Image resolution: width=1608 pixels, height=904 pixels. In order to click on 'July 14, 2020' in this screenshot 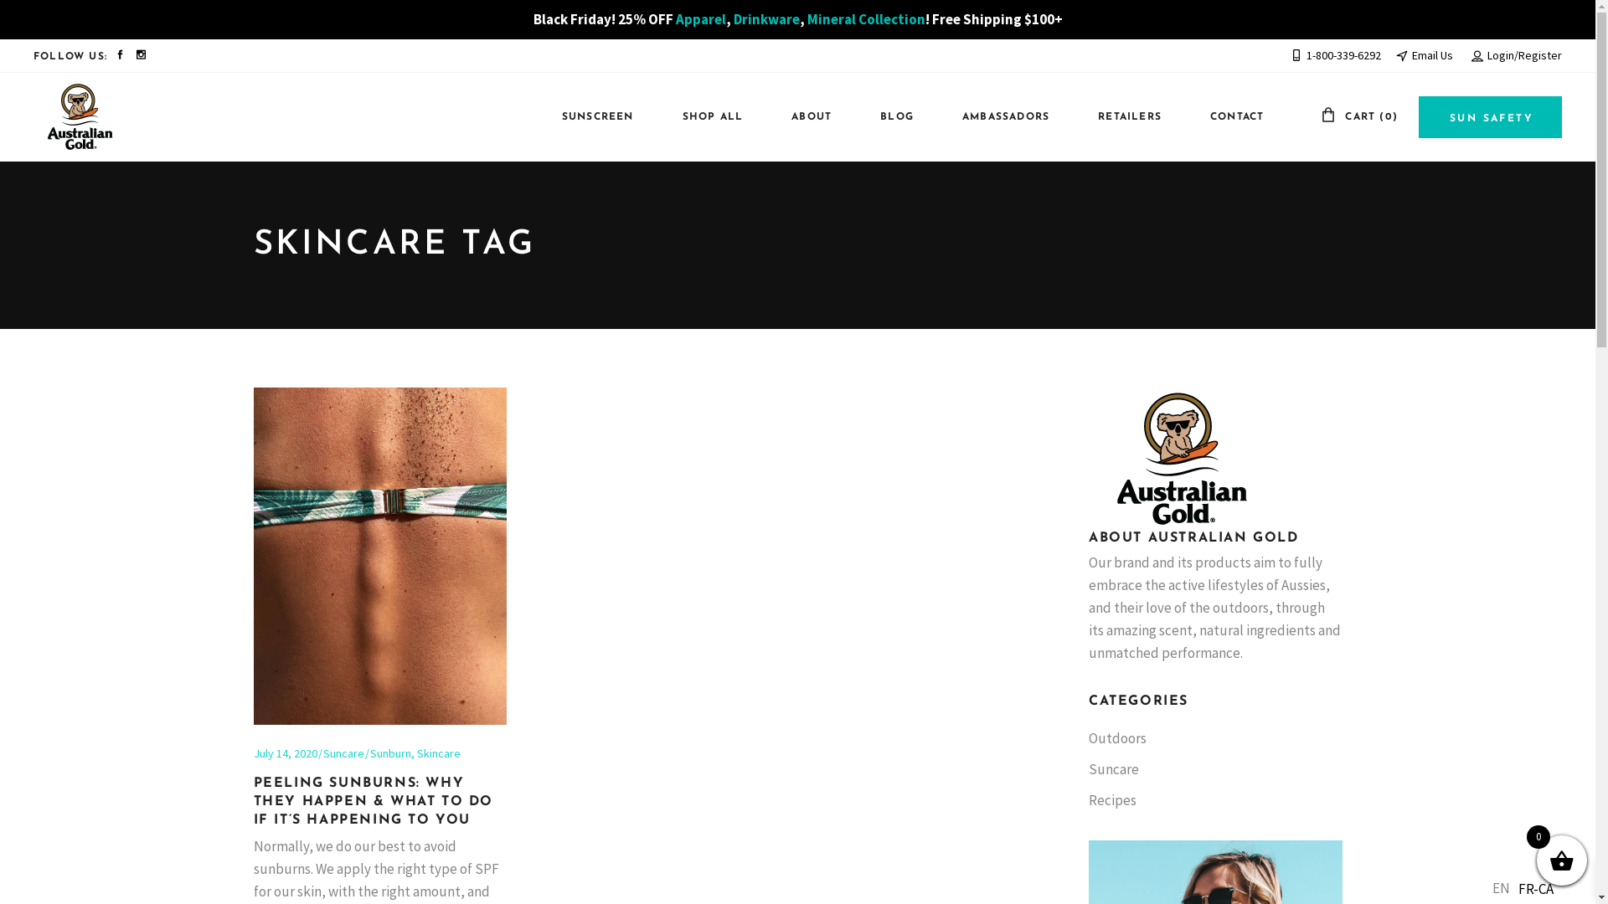, I will do `click(285, 752)`.